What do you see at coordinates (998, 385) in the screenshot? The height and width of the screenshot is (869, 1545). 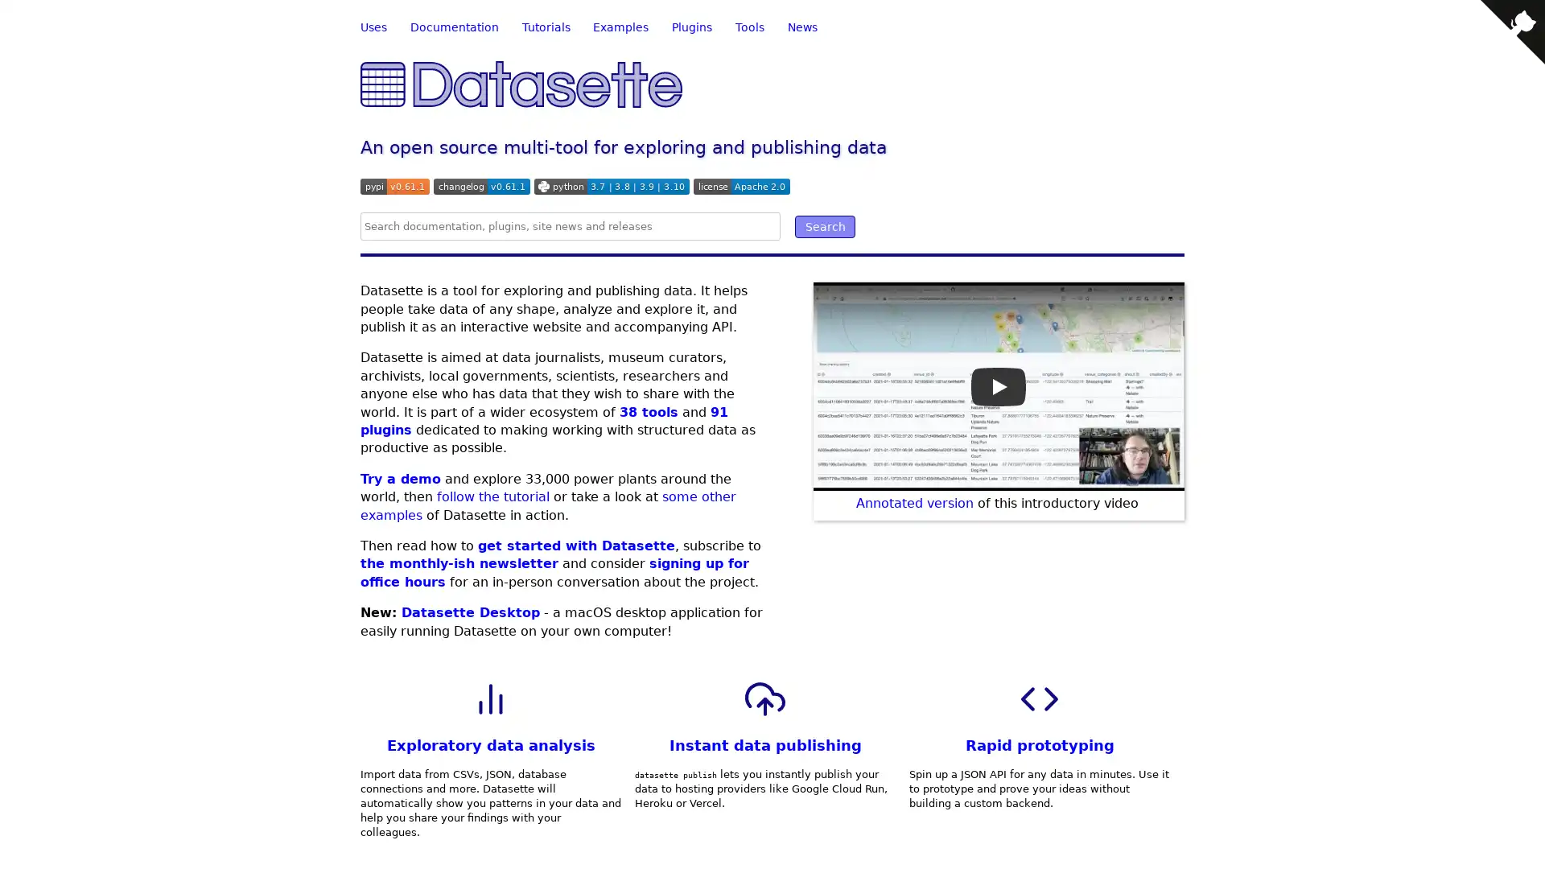 I see `Play: Introduction to Datasette and sqlite-utils` at bounding box center [998, 385].